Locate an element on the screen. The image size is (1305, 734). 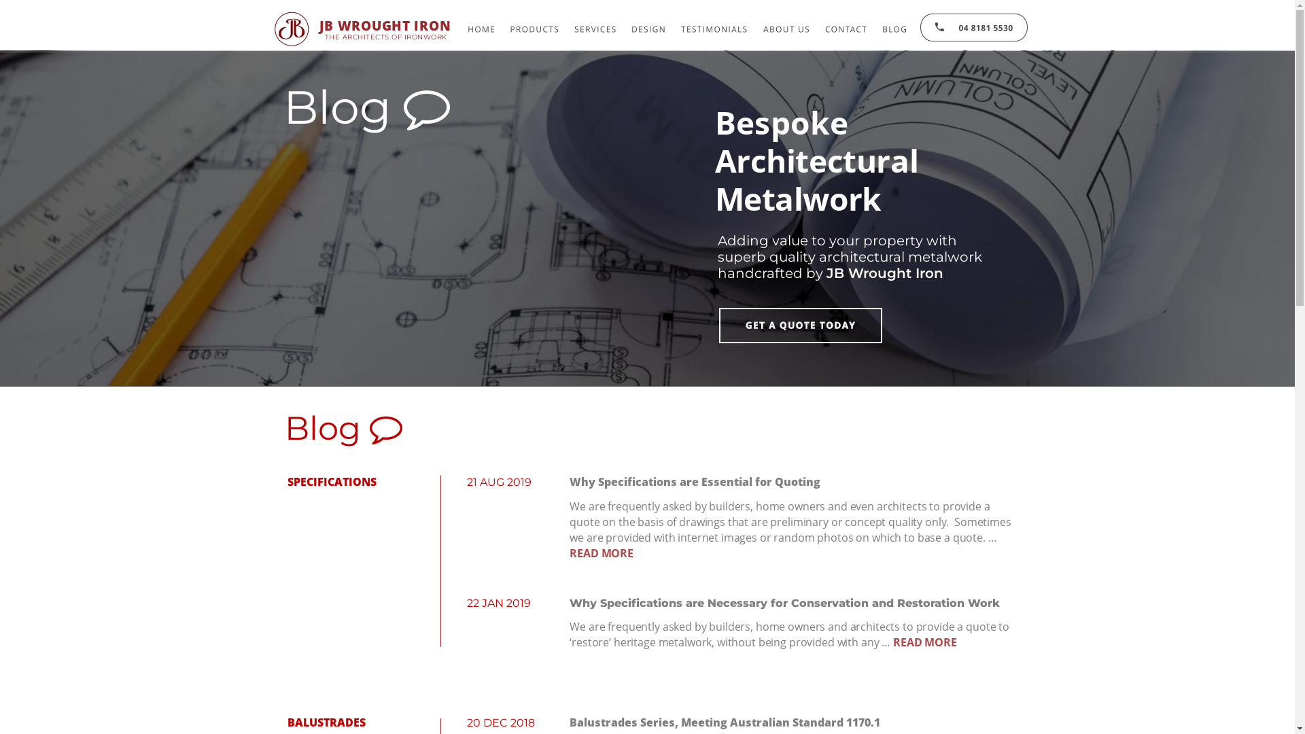
'READ MORE' is located at coordinates (600, 553).